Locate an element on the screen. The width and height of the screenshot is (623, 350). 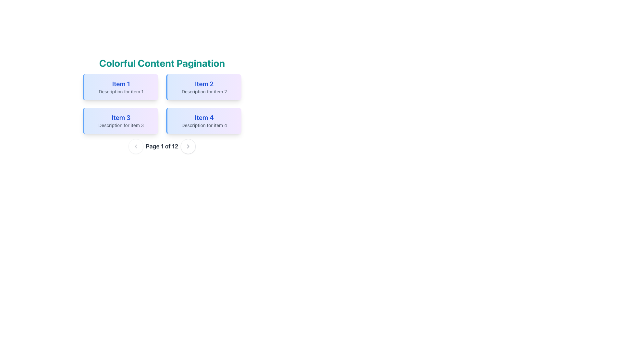
the descriptive label for 'Item 4' located directly below the text 'Item 4' within the card element in the bottom-right section of a four-card grid is located at coordinates (204, 125).